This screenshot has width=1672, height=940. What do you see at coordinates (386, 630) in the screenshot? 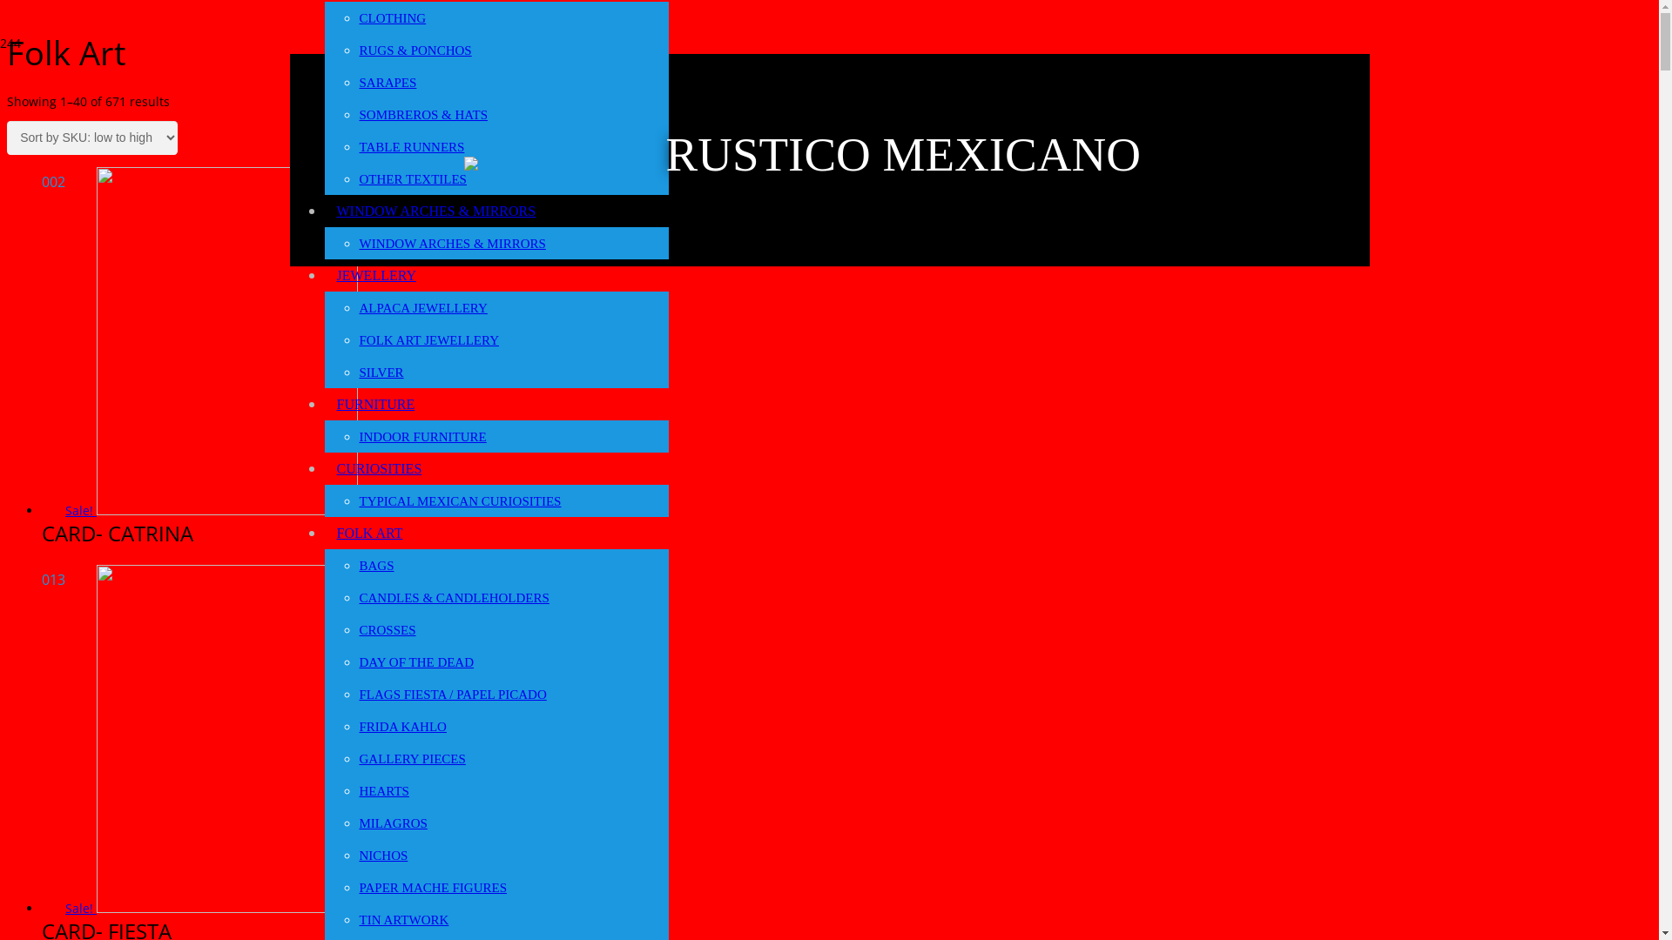
I see `'CROSSES'` at bounding box center [386, 630].